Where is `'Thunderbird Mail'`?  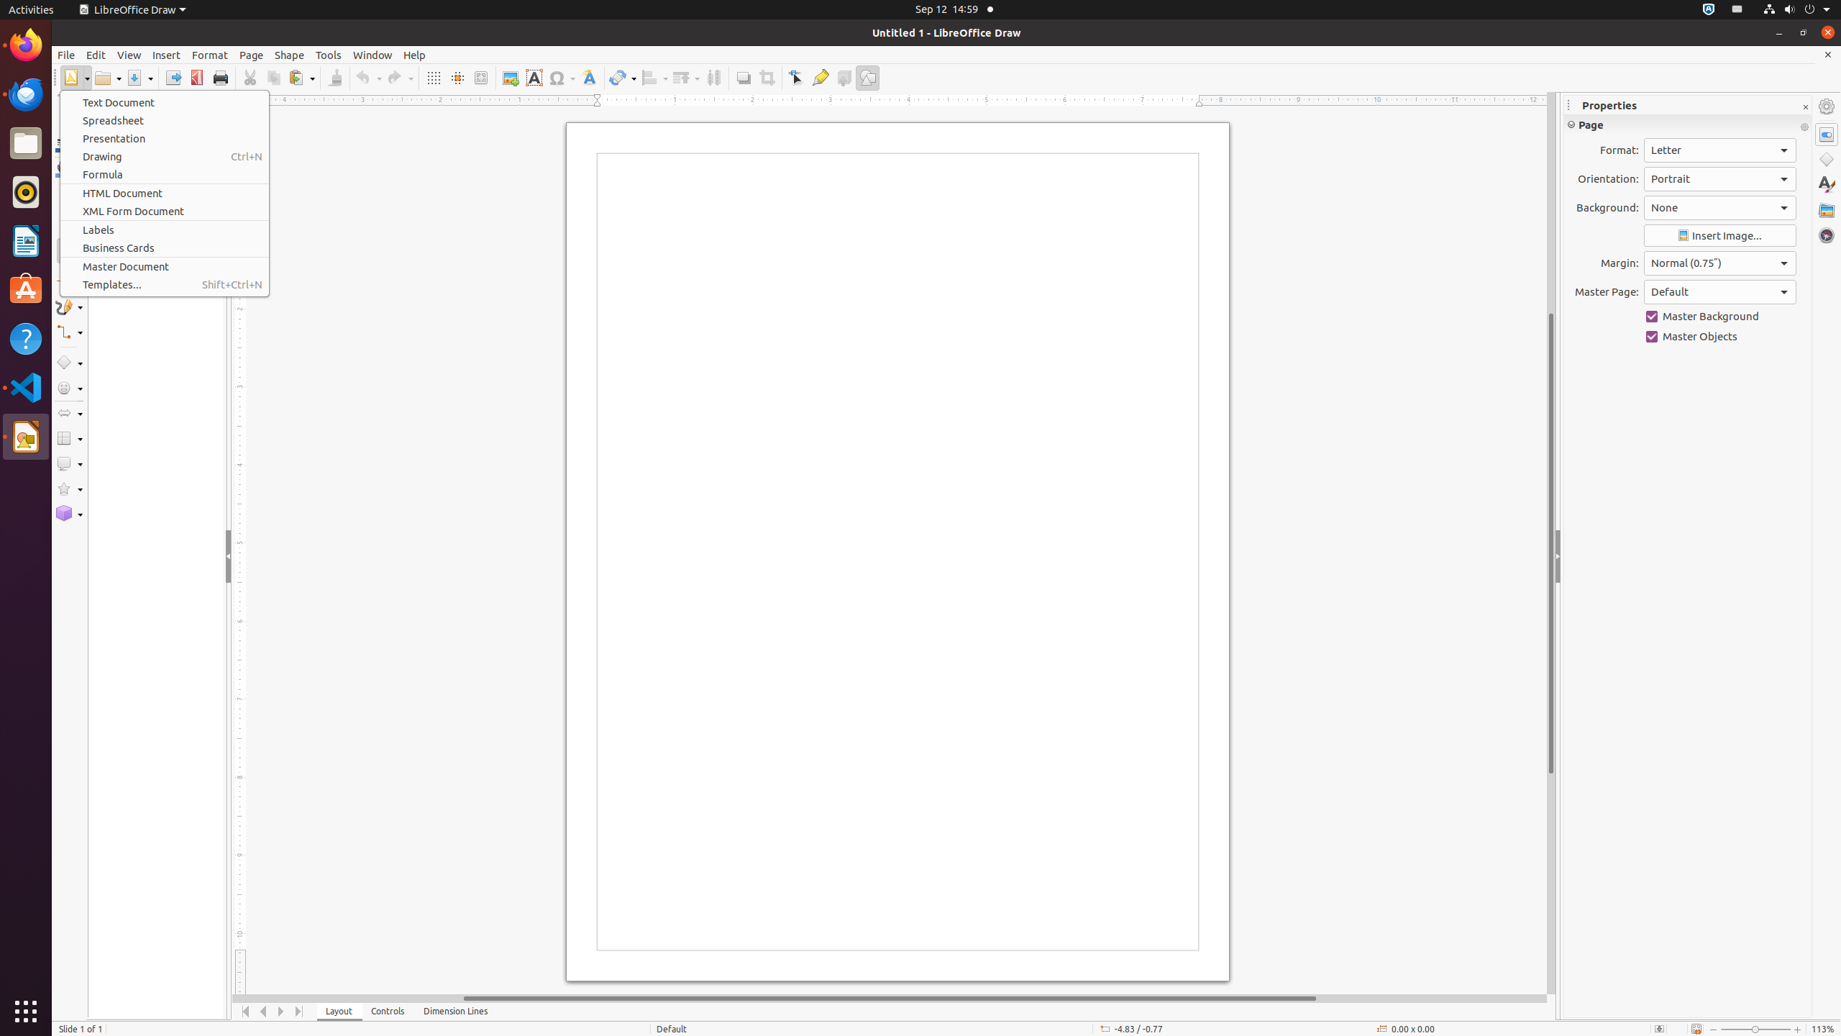 'Thunderbird Mail' is located at coordinates (26, 94).